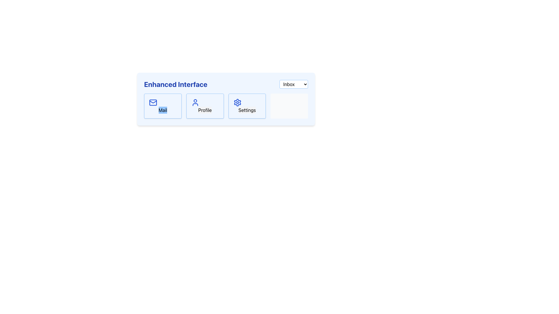 Image resolution: width=559 pixels, height=314 pixels. Describe the element at coordinates (237, 102) in the screenshot. I see `the blue cogwheel icon representing settings, located as the third button from the left under 'Enhanced Interface' for tooltip display` at that location.